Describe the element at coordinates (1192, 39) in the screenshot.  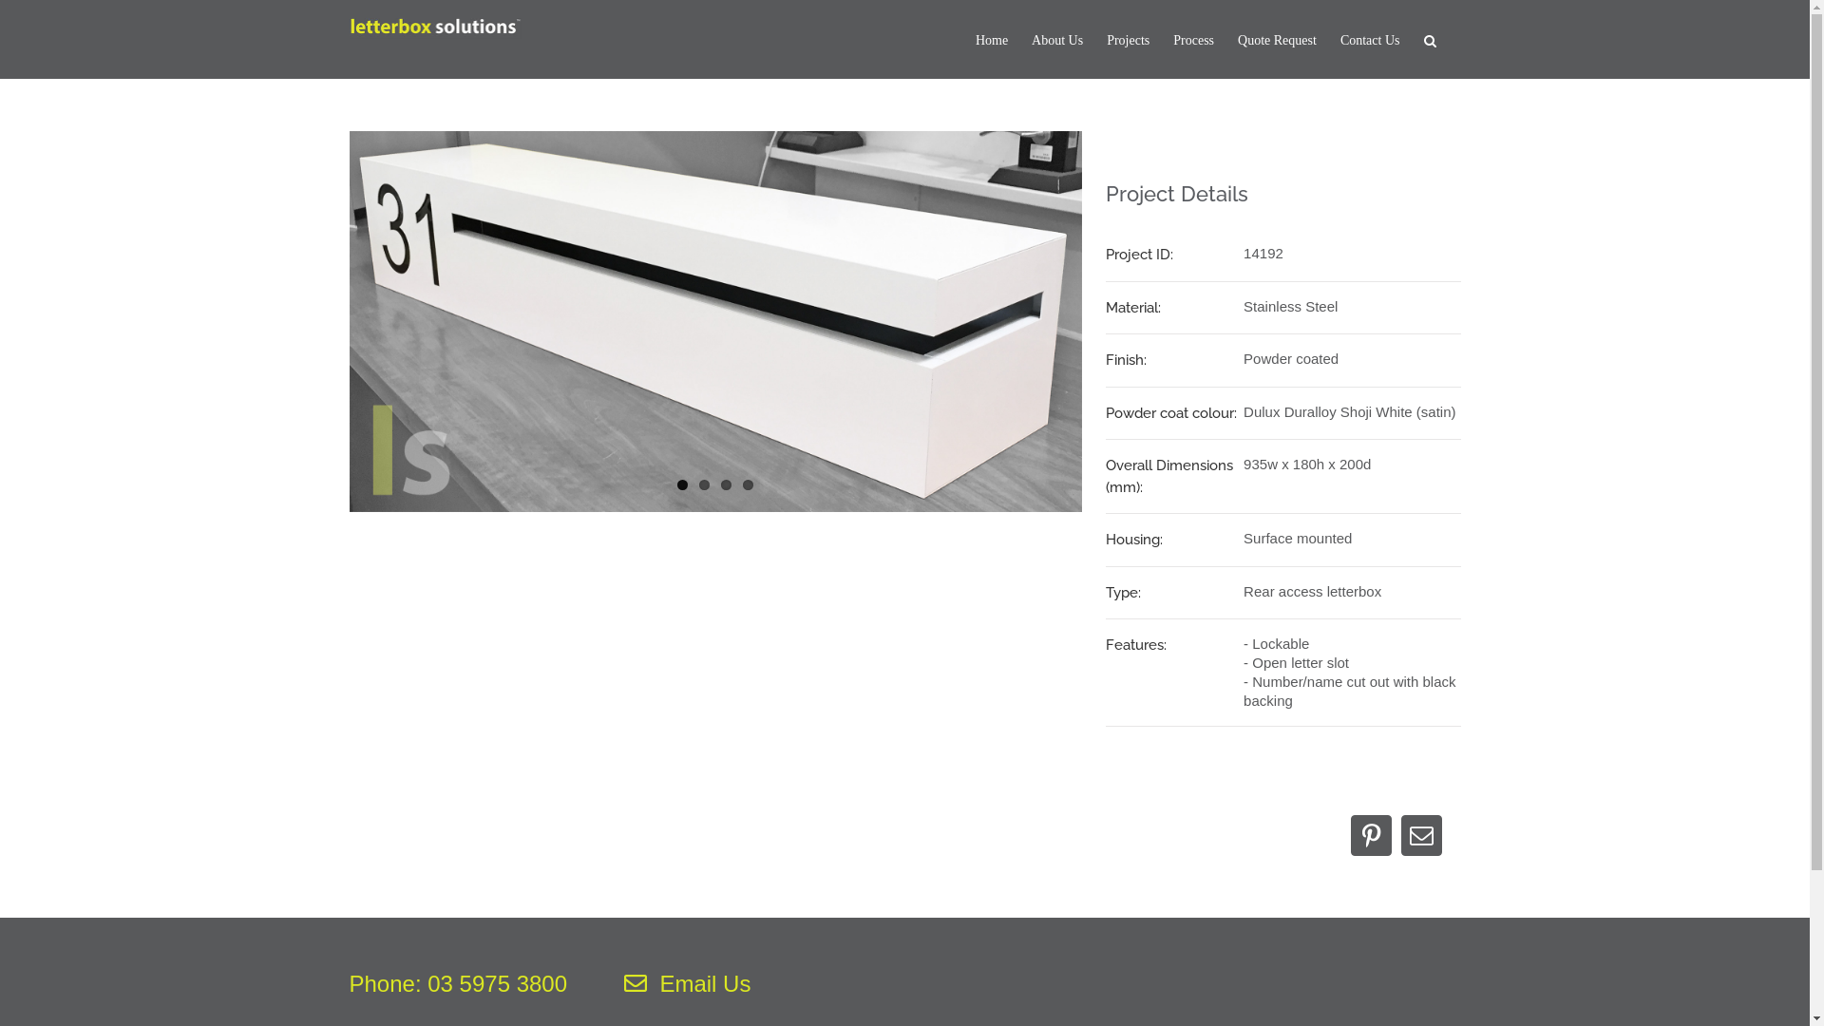
I see `'Process'` at that location.